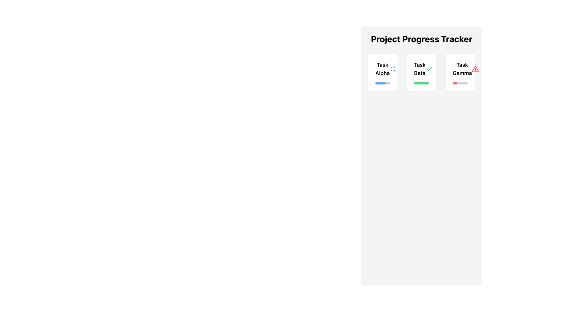  I want to click on the green check mark icon within the 'Task Beta' card in the 'Project Progress Tracker' section, located in the middle column, so click(429, 69).